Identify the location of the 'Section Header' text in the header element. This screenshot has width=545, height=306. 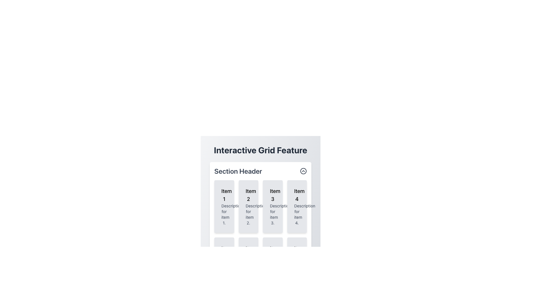
(260, 171).